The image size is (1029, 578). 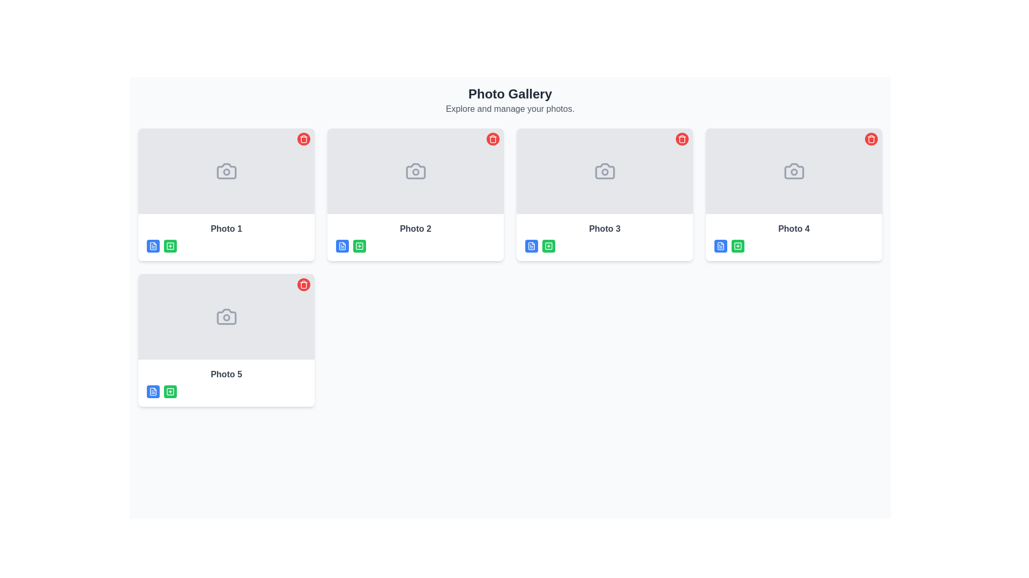 I want to click on the circular red button with a trash can icon located at the top-right corner of the card containing the 'Photo 2' label, so click(x=493, y=138).